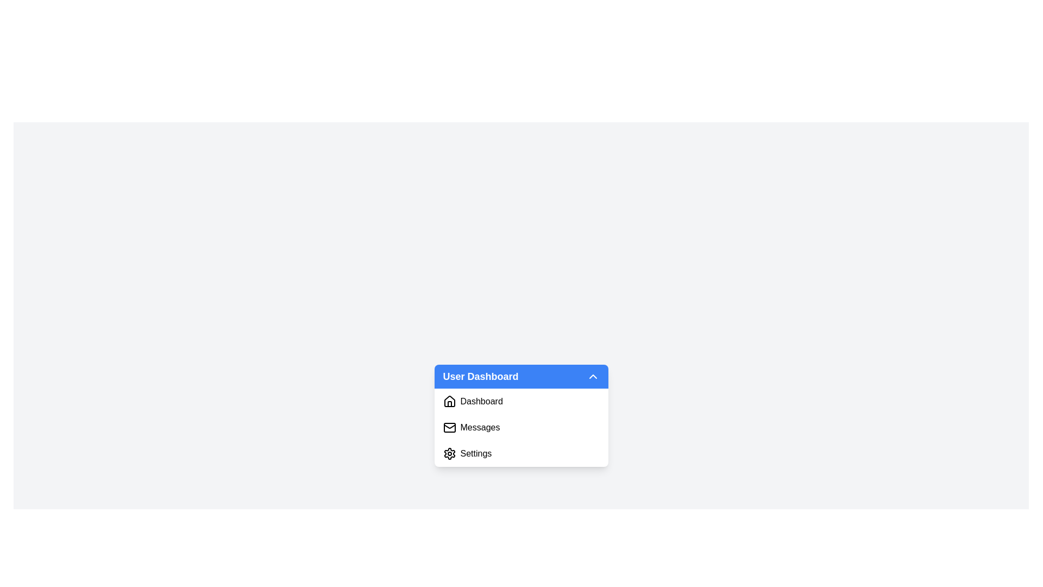 The height and width of the screenshot is (587, 1043). What do you see at coordinates (520, 402) in the screenshot?
I see `the first menu item in the dropdown labeled 'User Dashboard'` at bounding box center [520, 402].